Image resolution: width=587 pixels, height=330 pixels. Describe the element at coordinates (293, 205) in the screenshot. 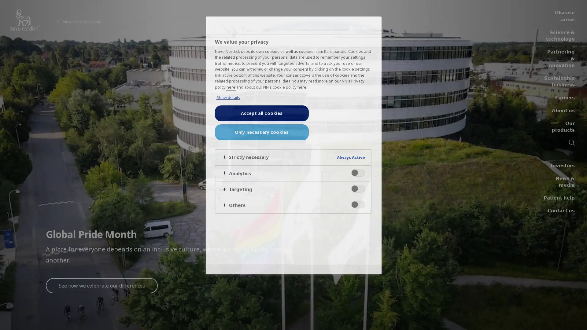

I see `Others` at that location.